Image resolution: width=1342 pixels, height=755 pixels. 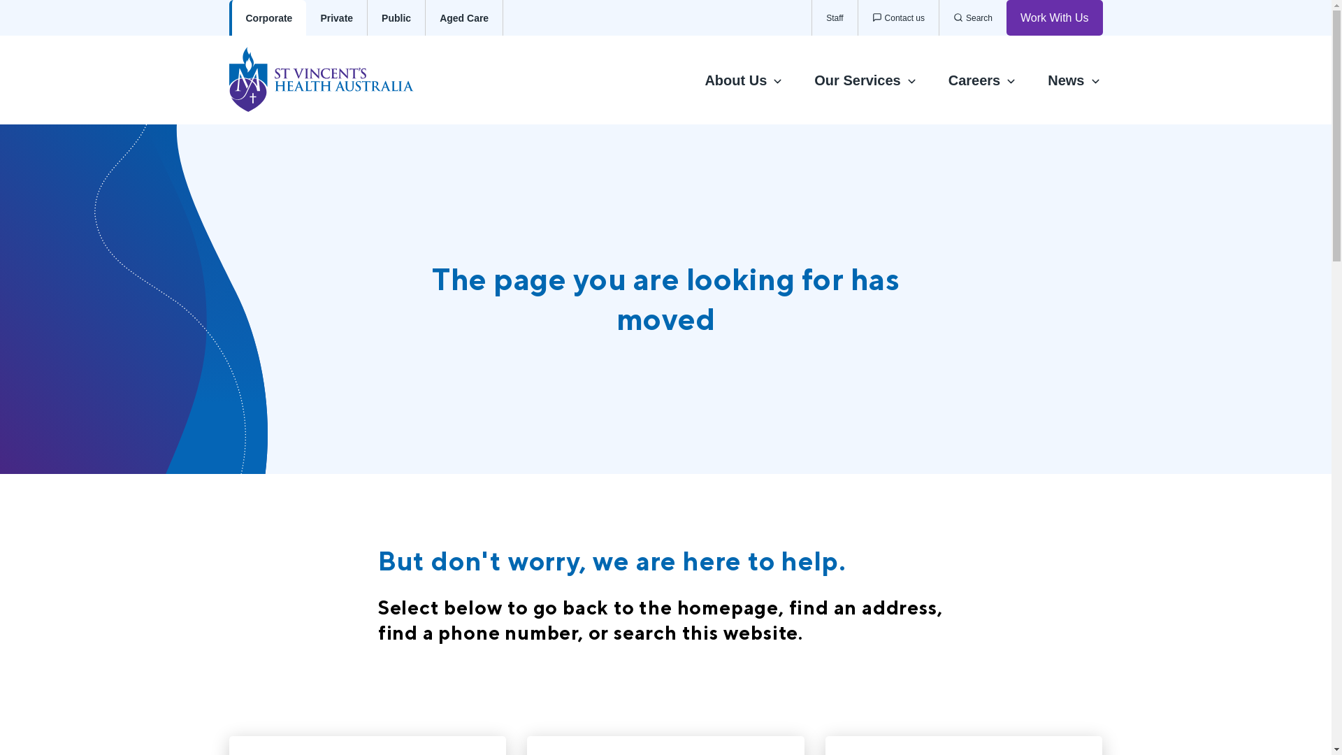 What do you see at coordinates (939, 17) in the screenshot?
I see `'Search'` at bounding box center [939, 17].